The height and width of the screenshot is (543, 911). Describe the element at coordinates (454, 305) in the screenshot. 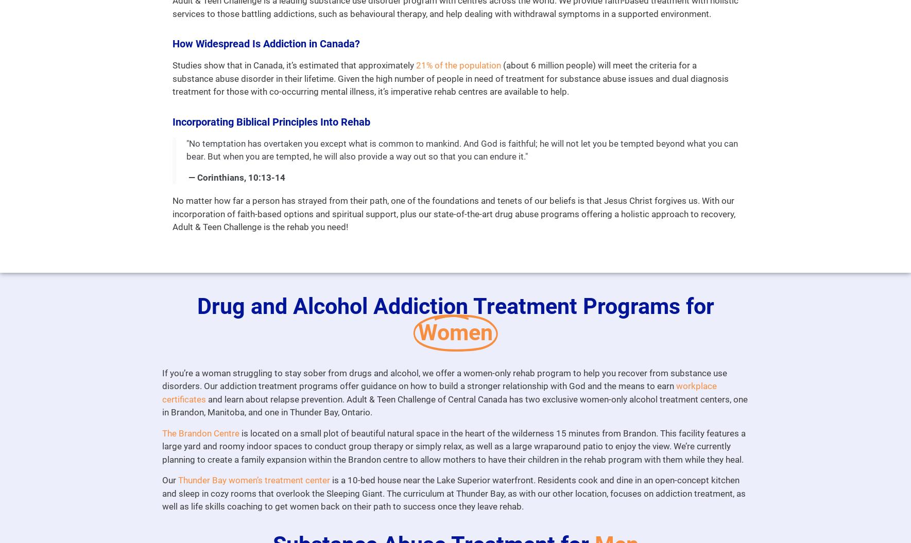

I see `'Drug and Alcohol Addiction Treatment Programs for'` at that location.